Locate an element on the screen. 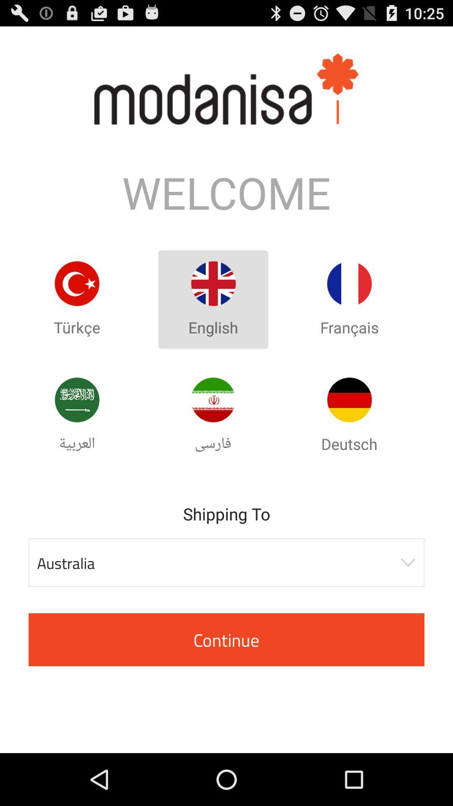  turkish language is located at coordinates (77, 283).